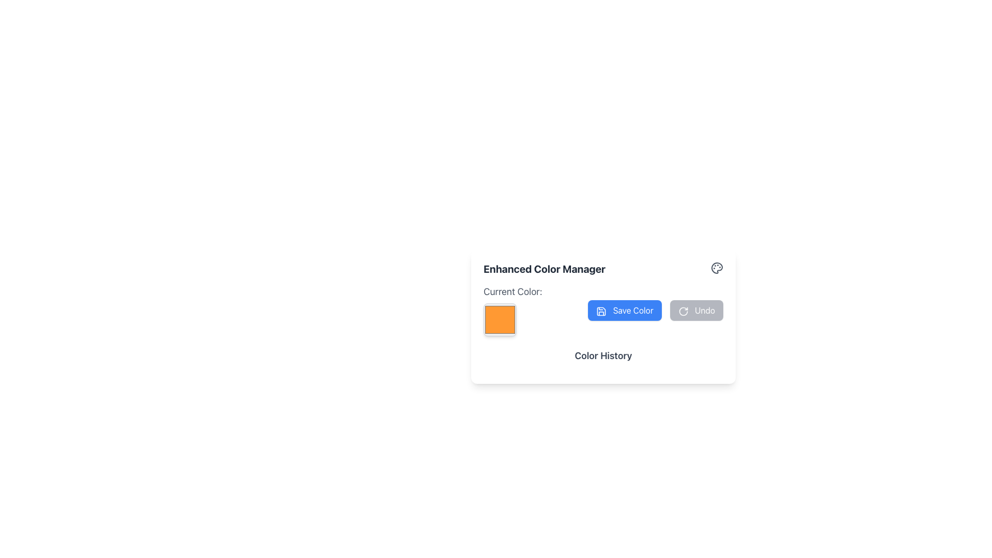 The height and width of the screenshot is (558, 992). I want to click on the save icon button, which resembles a floppy disk and is located between a color preview box and an 'Undo' button in the 'Enhanced Color Manager' interface, so click(601, 311).